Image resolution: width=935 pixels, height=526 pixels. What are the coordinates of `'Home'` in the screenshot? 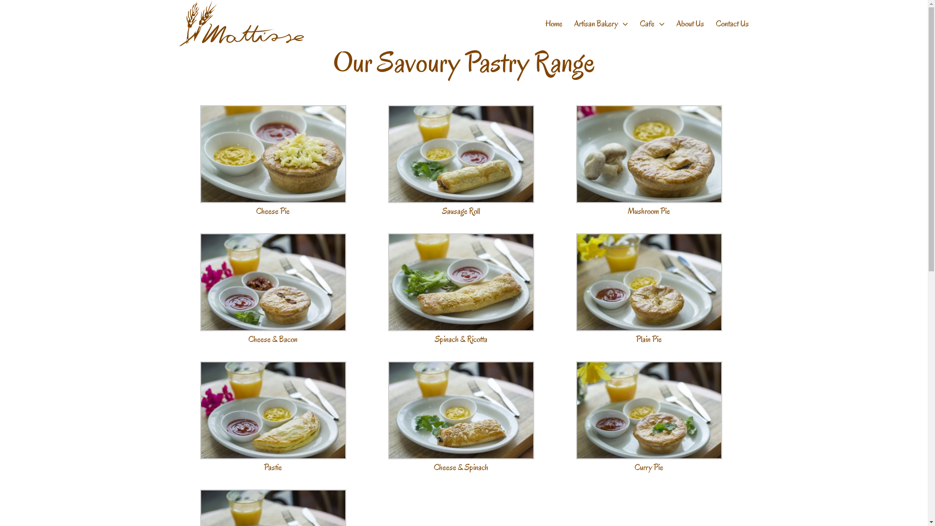 It's located at (544, 23).